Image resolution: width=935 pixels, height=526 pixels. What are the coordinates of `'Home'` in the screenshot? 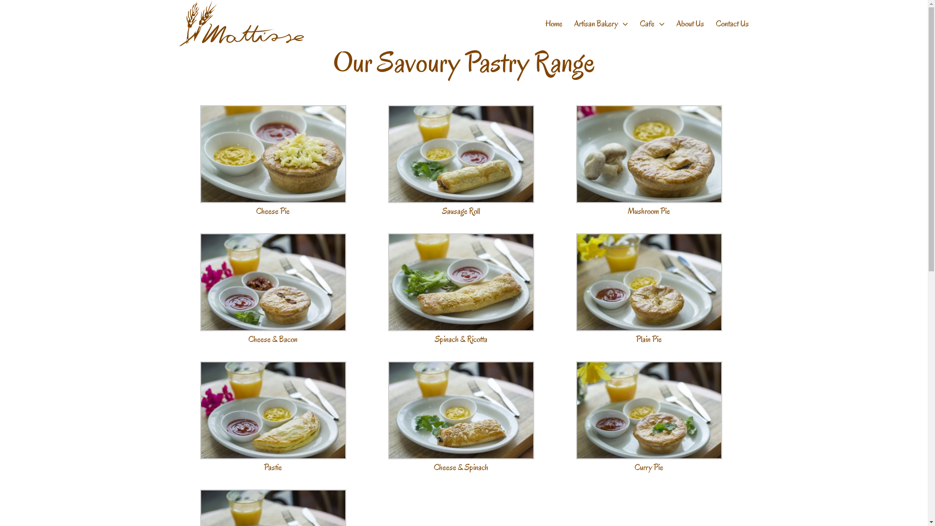 It's located at (544, 23).